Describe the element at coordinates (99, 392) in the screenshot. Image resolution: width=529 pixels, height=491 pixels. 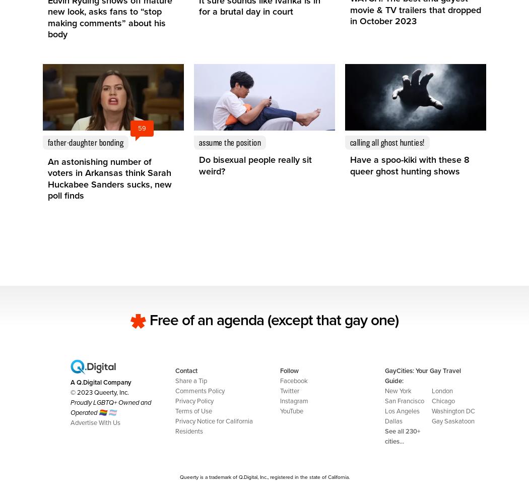
I see `'© 2023 Queerty, Inc.'` at that location.